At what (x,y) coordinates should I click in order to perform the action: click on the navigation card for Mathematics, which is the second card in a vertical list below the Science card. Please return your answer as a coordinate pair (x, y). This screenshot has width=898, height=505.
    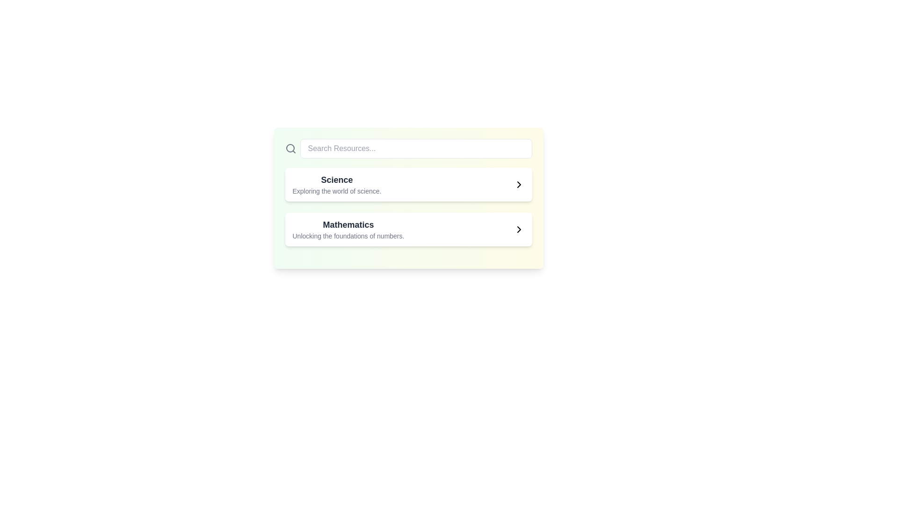
    Looking at the image, I should click on (408, 229).